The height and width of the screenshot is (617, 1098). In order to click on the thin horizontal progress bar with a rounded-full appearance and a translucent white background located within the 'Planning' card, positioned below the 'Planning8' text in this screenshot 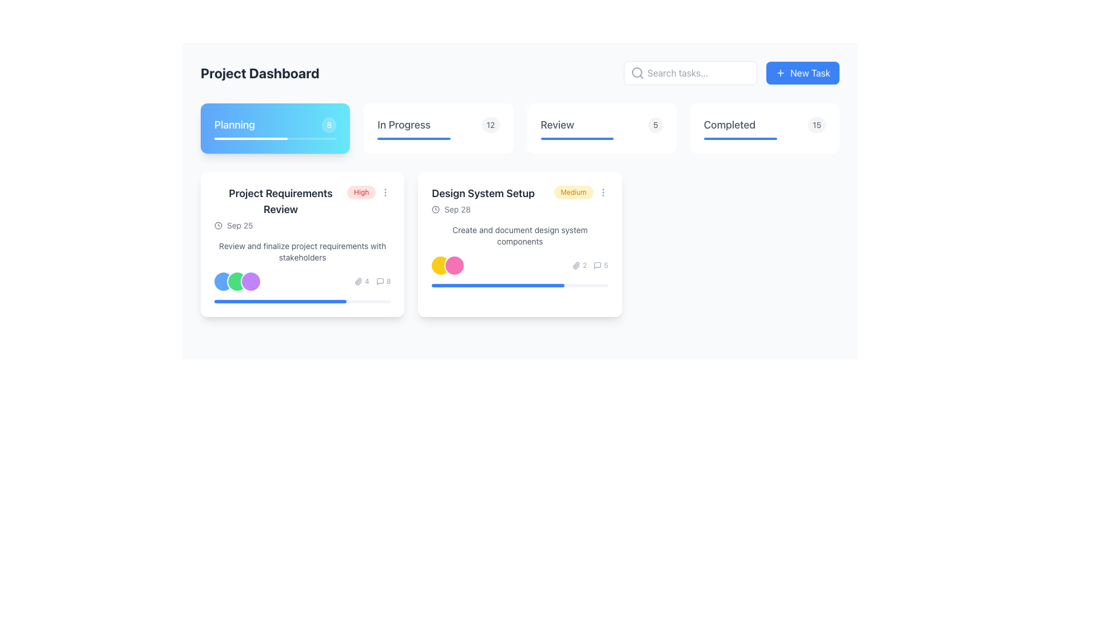, I will do `click(275, 138)`.